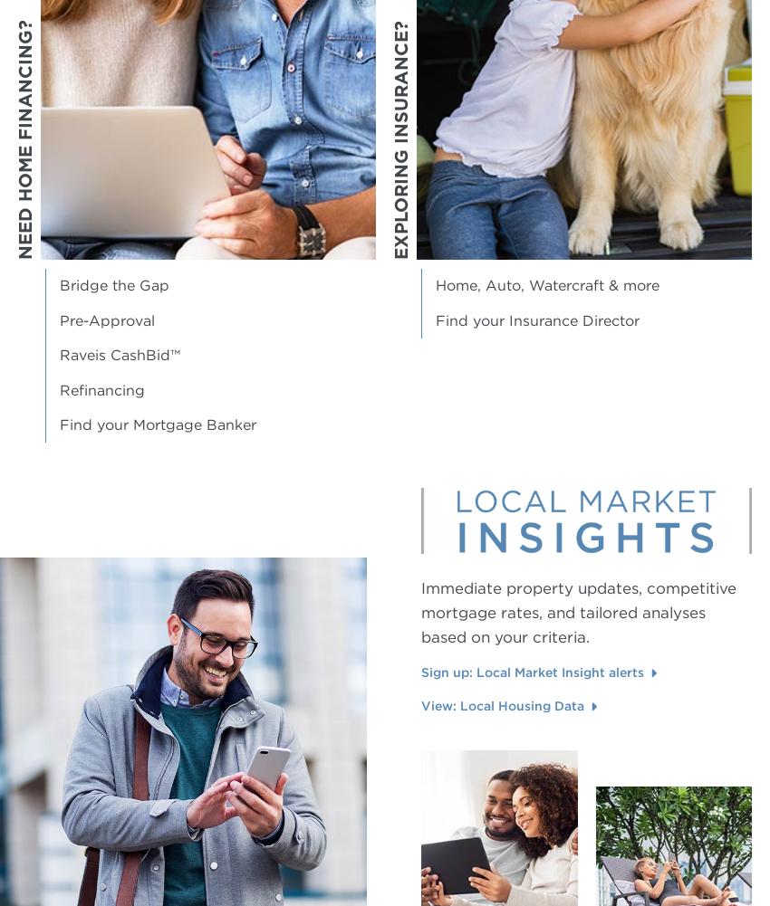 Image resolution: width=770 pixels, height=906 pixels. Describe the element at coordinates (13, 139) in the screenshot. I see `'Need Home Financing?'` at that location.